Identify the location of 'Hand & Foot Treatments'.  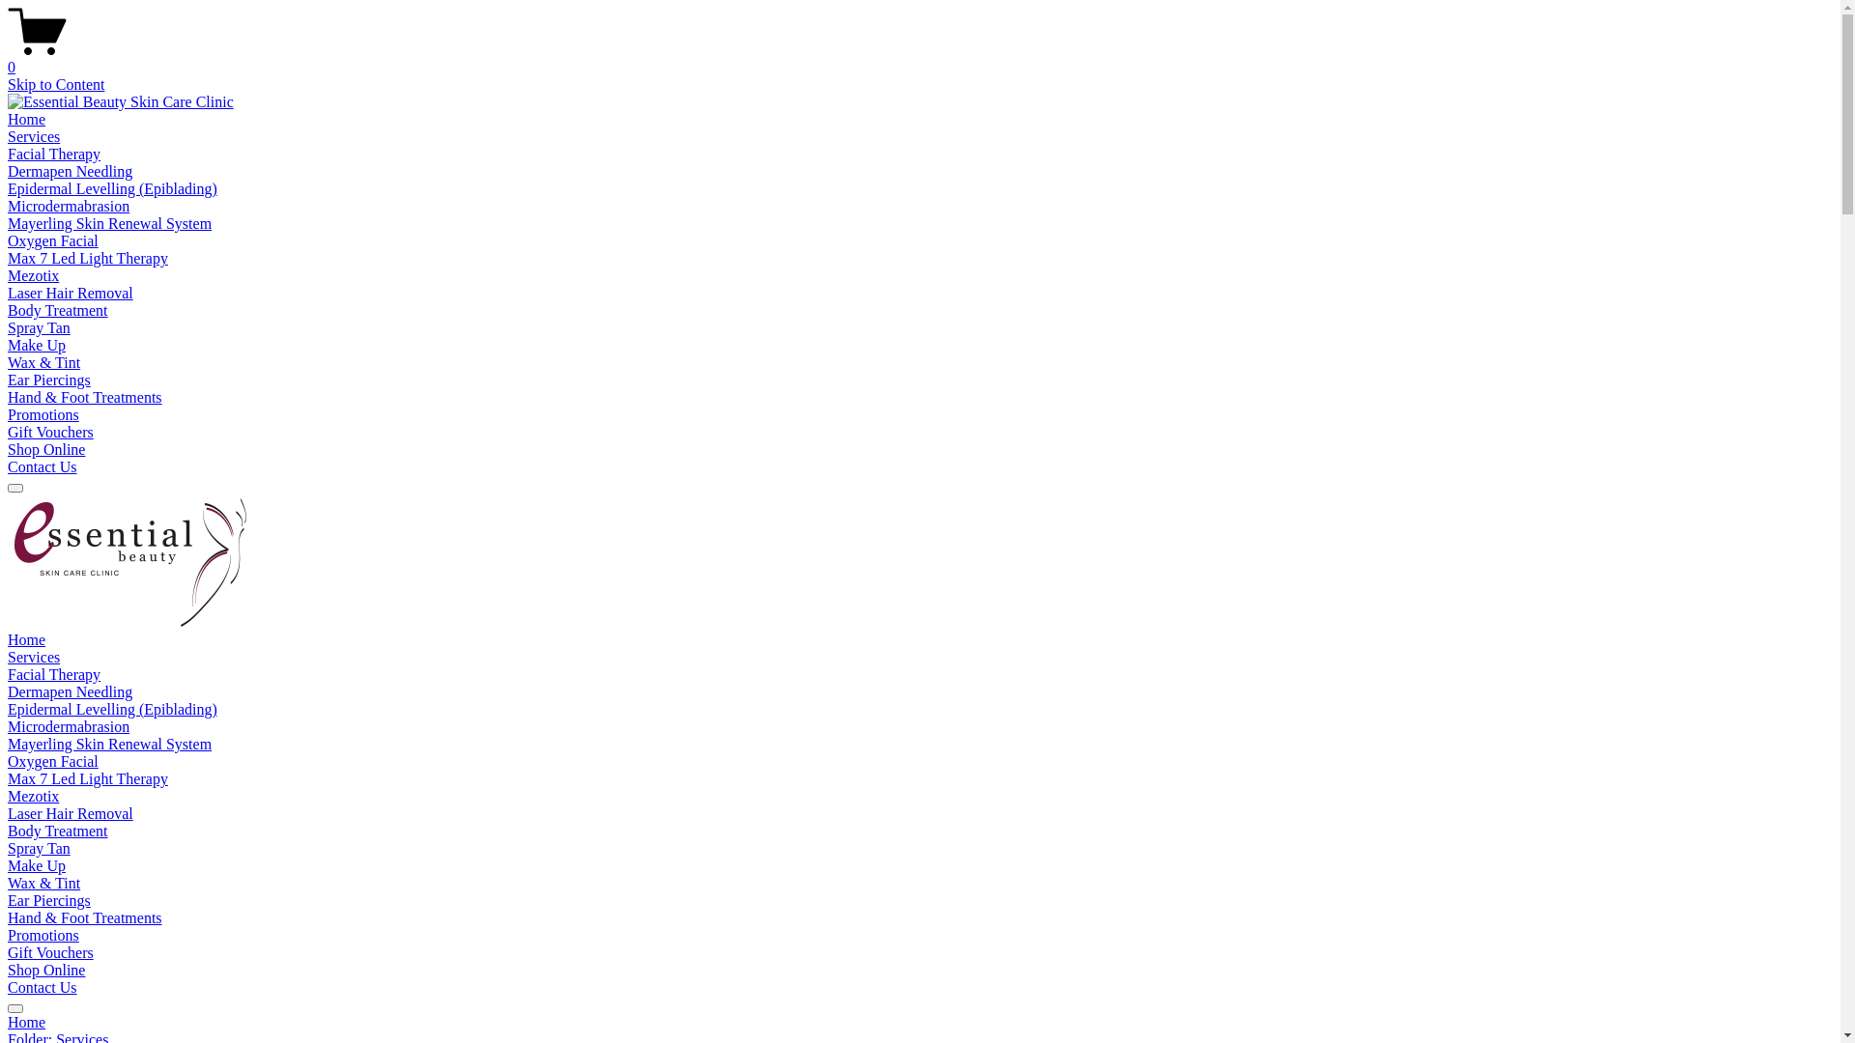
(83, 396).